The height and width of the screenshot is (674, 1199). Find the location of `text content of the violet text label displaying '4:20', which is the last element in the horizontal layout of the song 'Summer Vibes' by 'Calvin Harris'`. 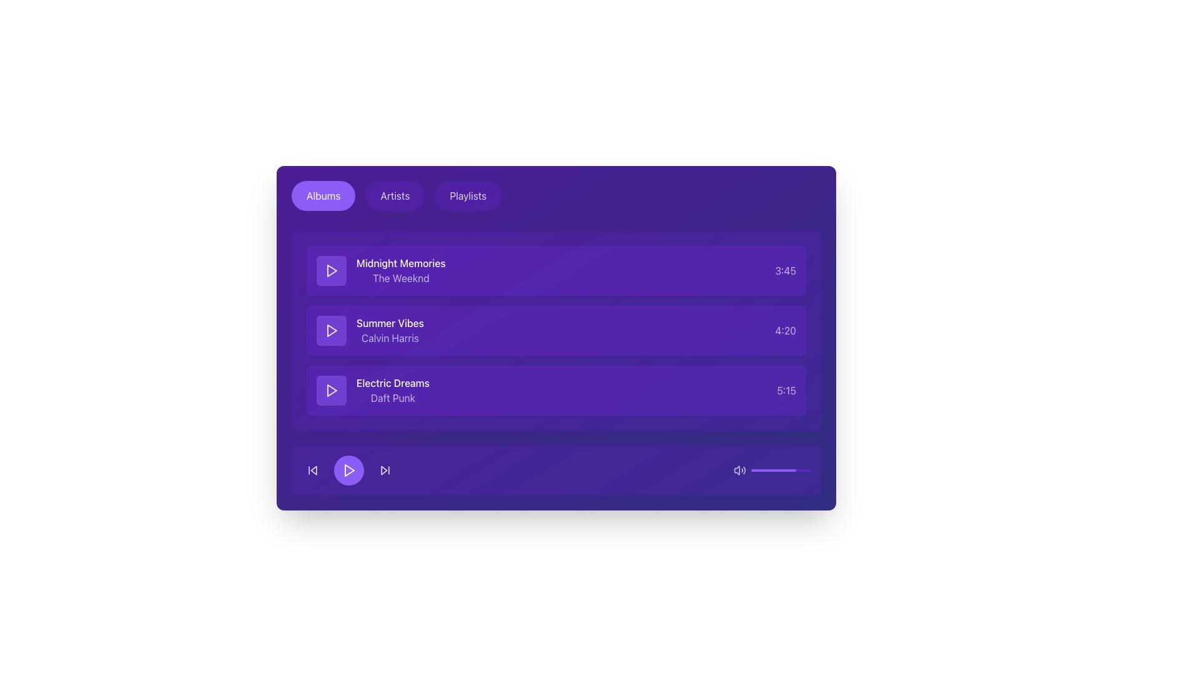

text content of the violet text label displaying '4:20', which is the last element in the horizontal layout of the song 'Summer Vibes' by 'Calvin Harris' is located at coordinates (785, 330).